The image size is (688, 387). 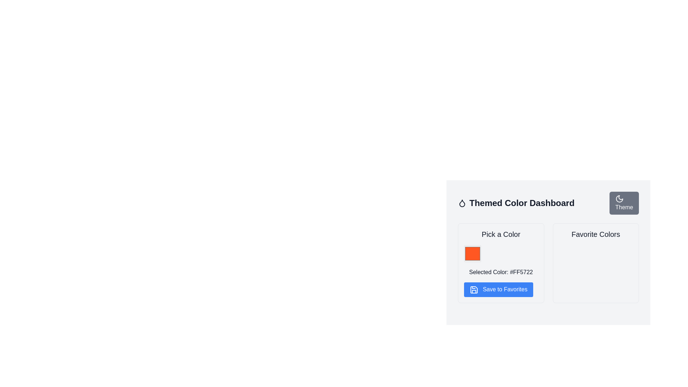 What do you see at coordinates (619, 199) in the screenshot?
I see `the crescent moon icon located in the top-right corner of the themed color dashboard interface, next to the text labeled 'Theme', which is part of a clickable button for theme-related functionalities` at bounding box center [619, 199].